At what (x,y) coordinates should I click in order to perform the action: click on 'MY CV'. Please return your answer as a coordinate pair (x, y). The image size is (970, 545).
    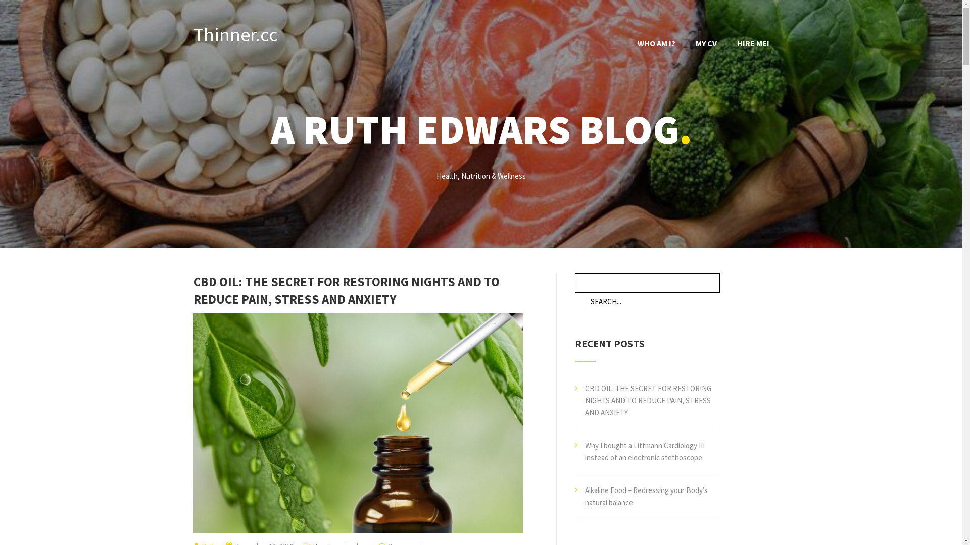
    Looking at the image, I should click on (705, 42).